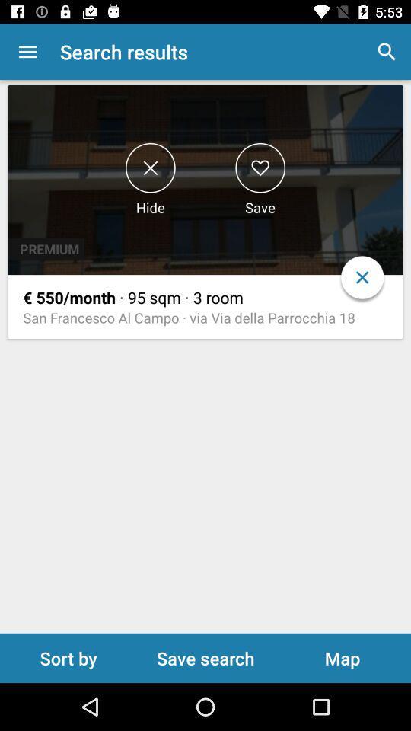 The width and height of the screenshot is (411, 731). What do you see at coordinates (205, 657) in the screenshot?
I see `save search` at bounding box center [205, 657].